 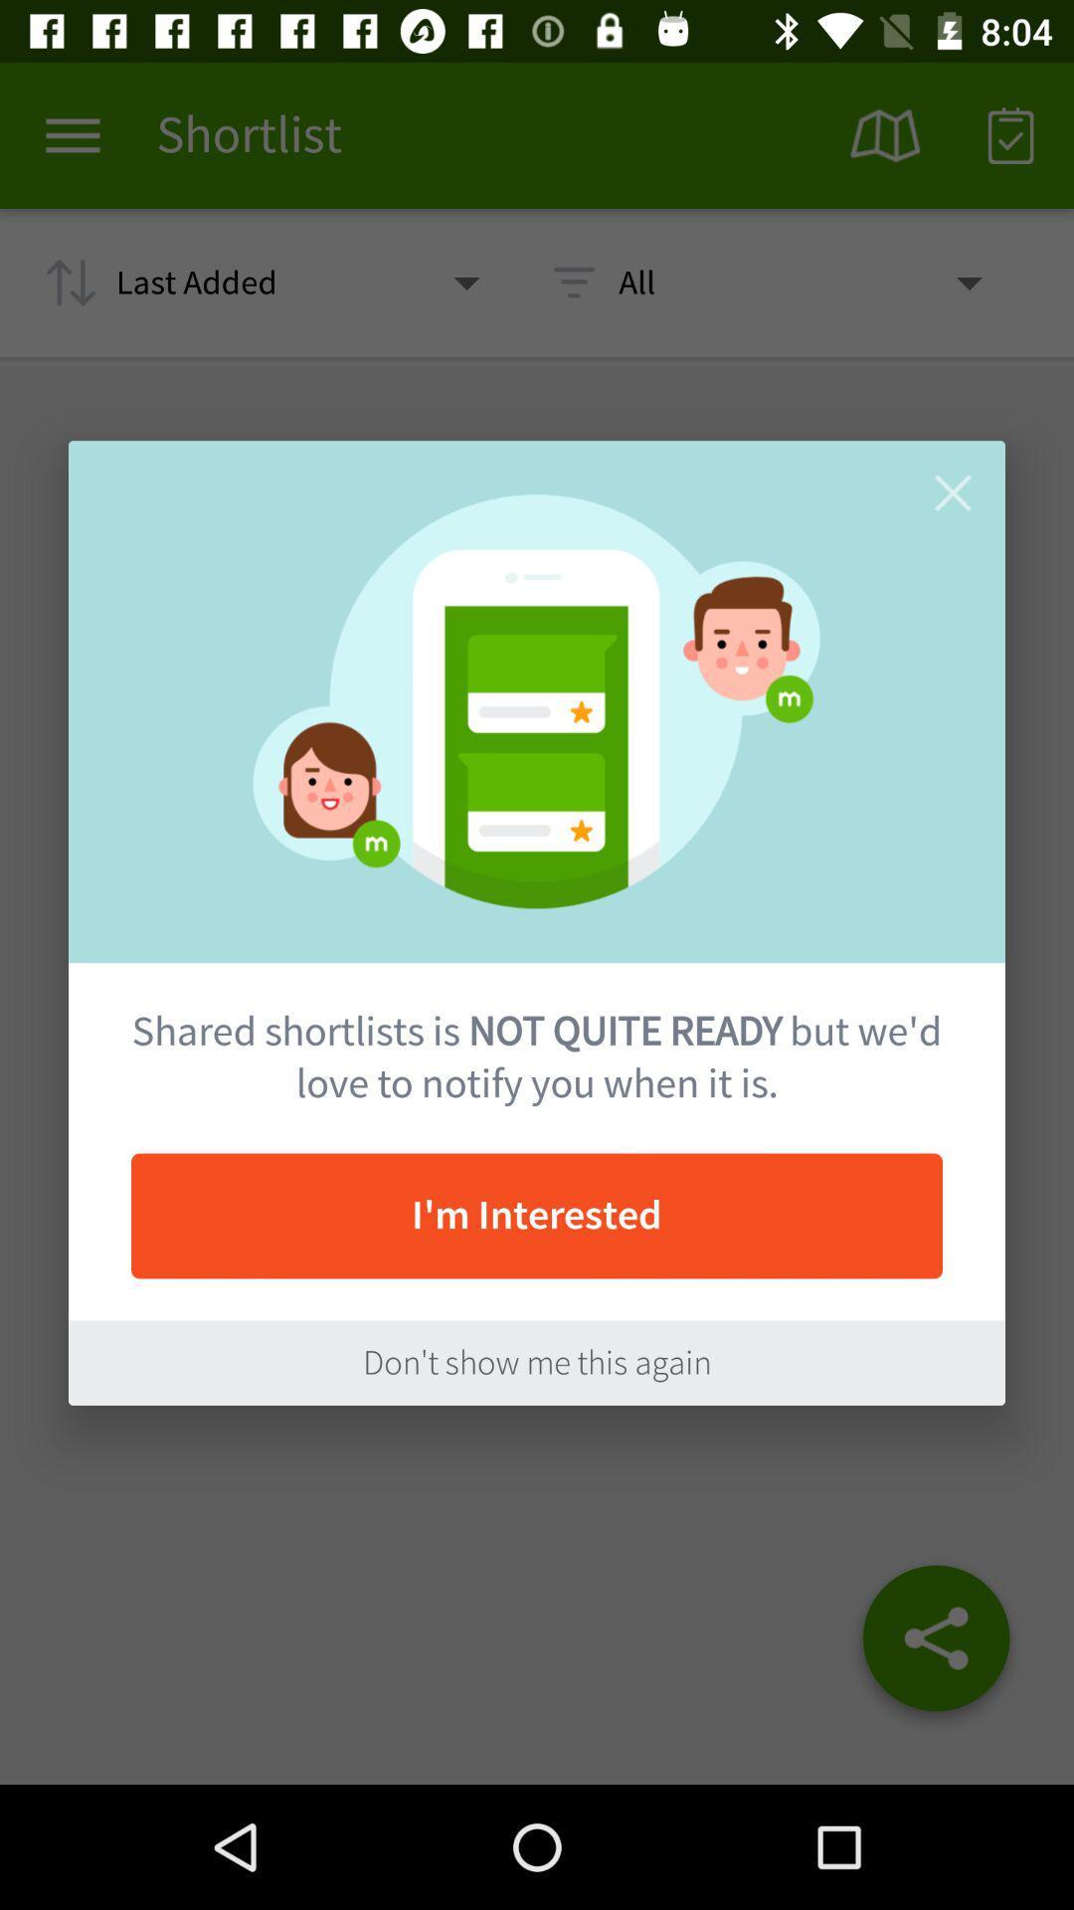 I want to click on item above shared shortlists is item, so click(x=952, y=492).